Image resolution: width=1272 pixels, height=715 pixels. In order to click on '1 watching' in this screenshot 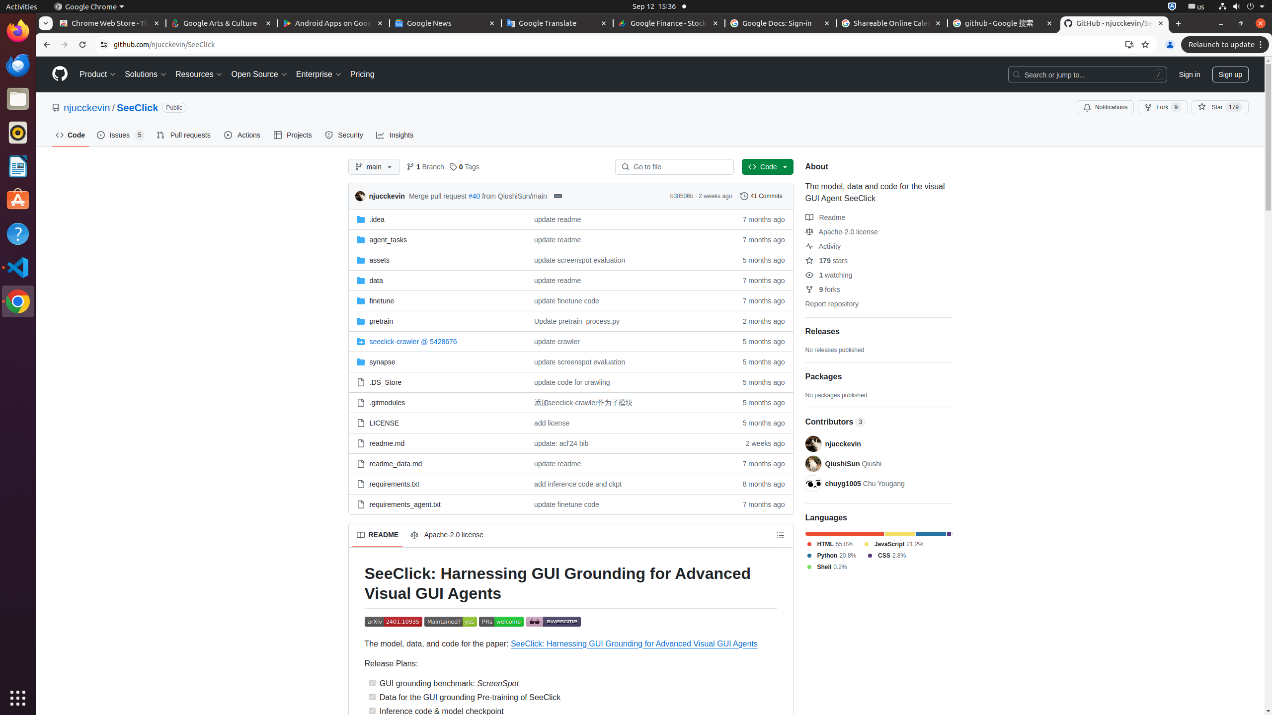, I will do `click(828, 274)`.